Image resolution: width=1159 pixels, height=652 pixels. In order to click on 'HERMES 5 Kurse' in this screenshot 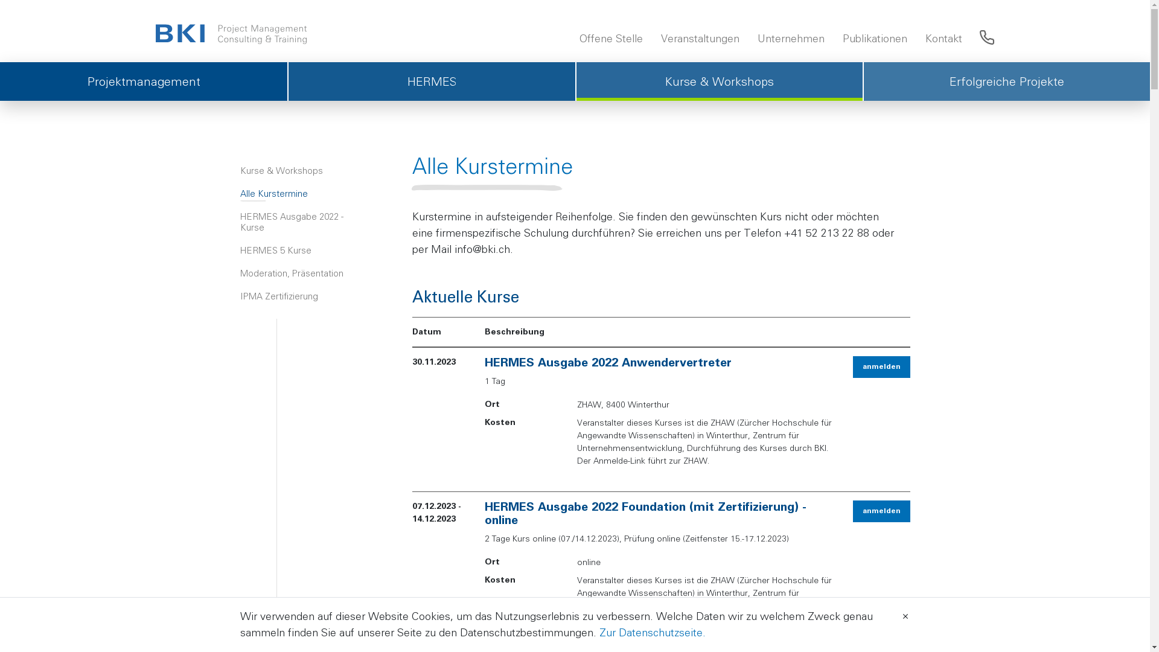, I will do `click(304, 250)`.